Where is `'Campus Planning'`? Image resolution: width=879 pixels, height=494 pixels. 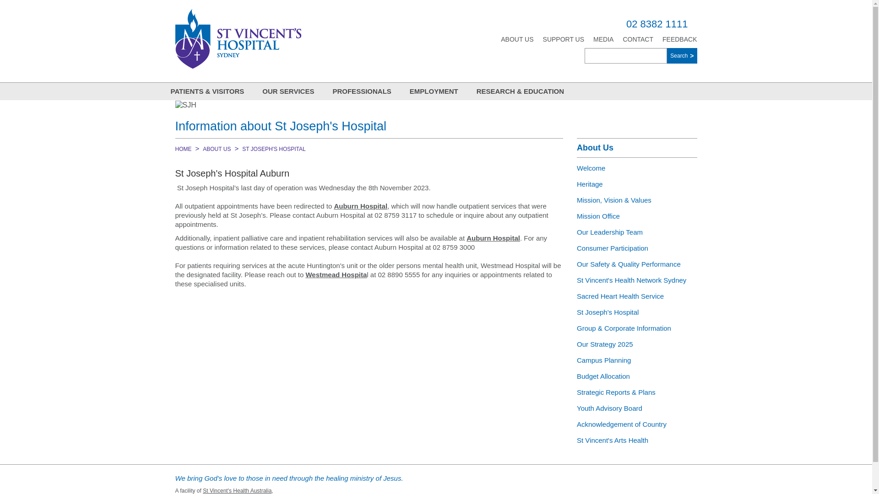
'Campus Planning' is located at coordinates (636, 360).